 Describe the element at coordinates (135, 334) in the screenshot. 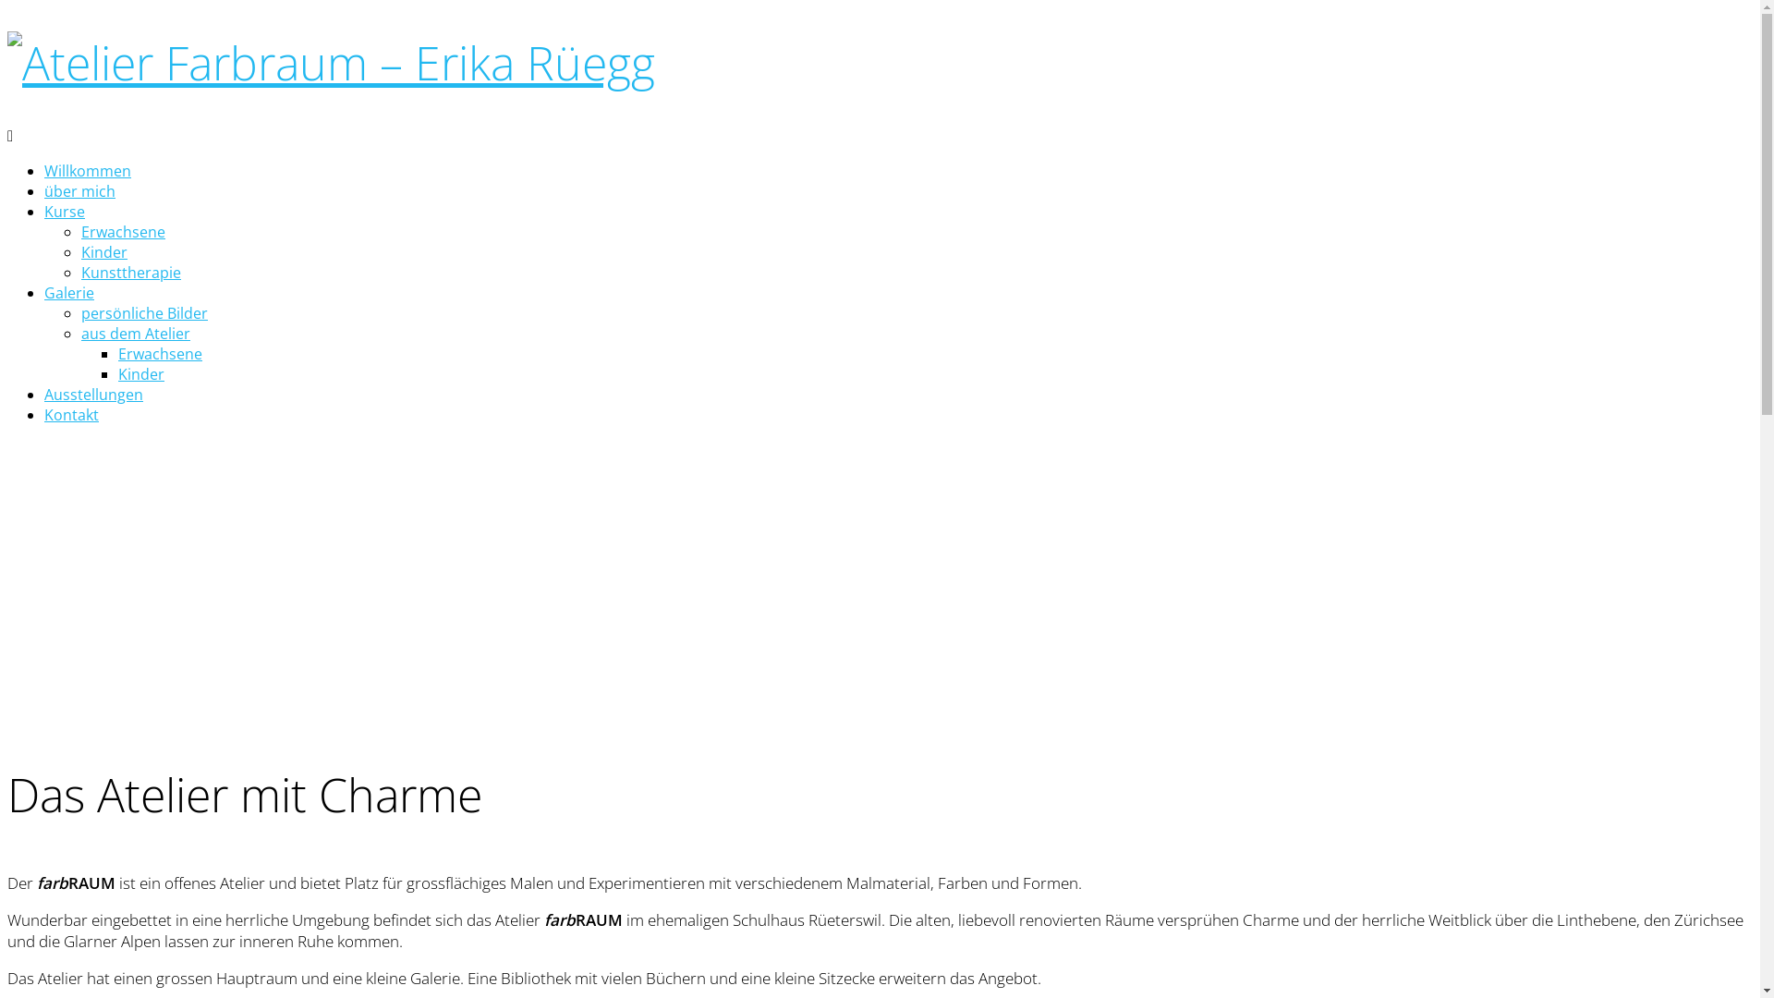

I see `'aus dem Atelier'` at that location.